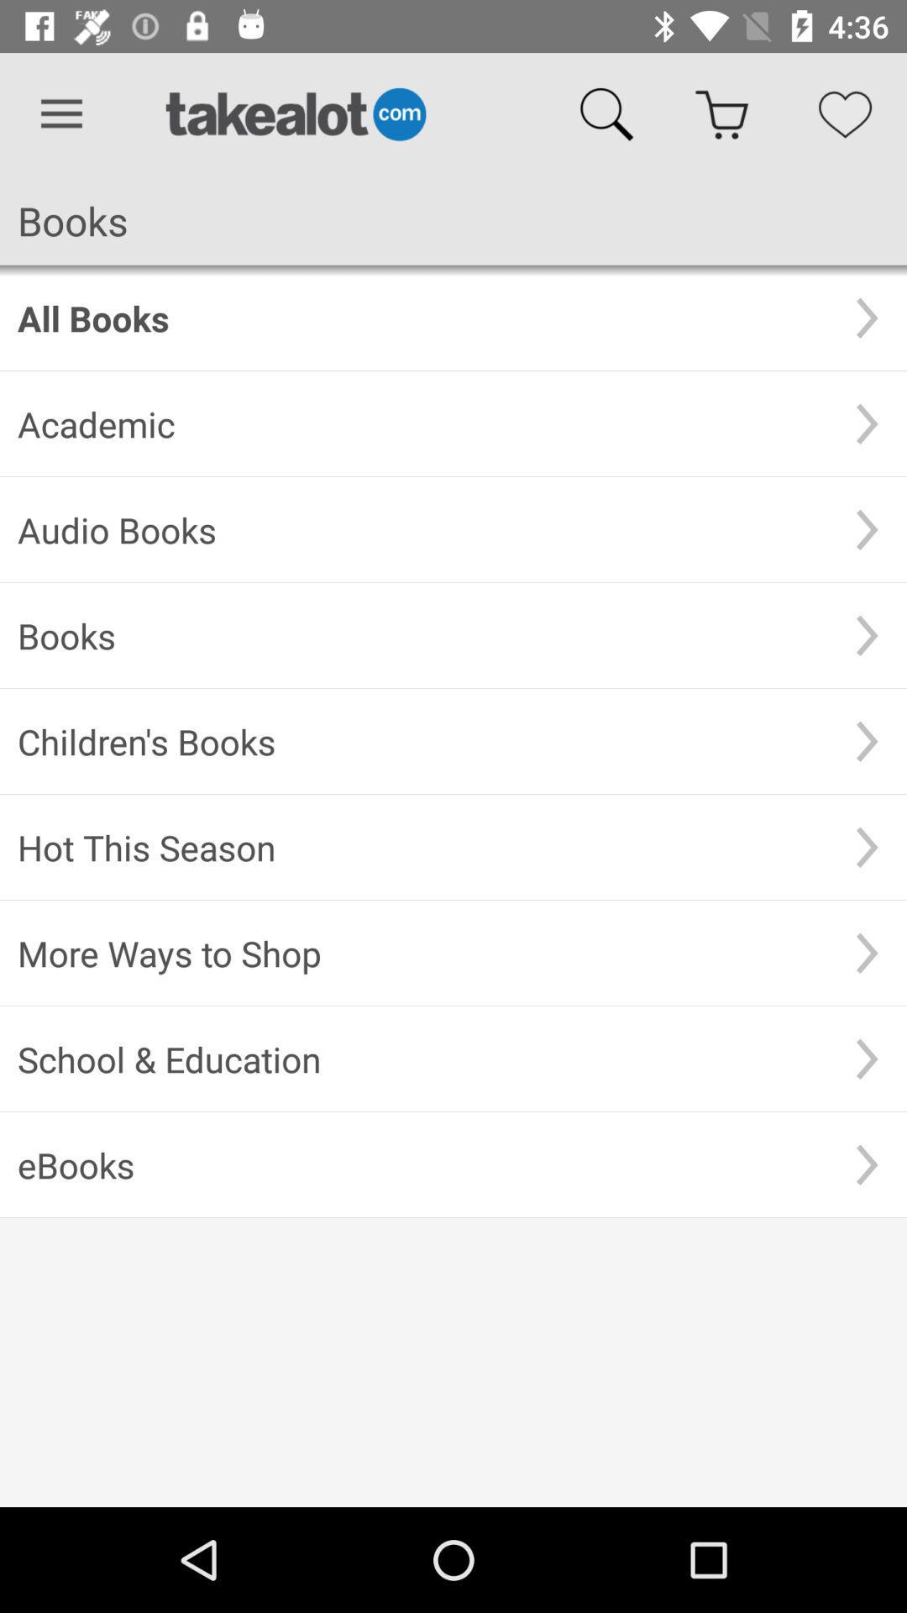 This screenshot has height=1613, width=907. I want to click on item below the school & education item, so click(422, 1164).